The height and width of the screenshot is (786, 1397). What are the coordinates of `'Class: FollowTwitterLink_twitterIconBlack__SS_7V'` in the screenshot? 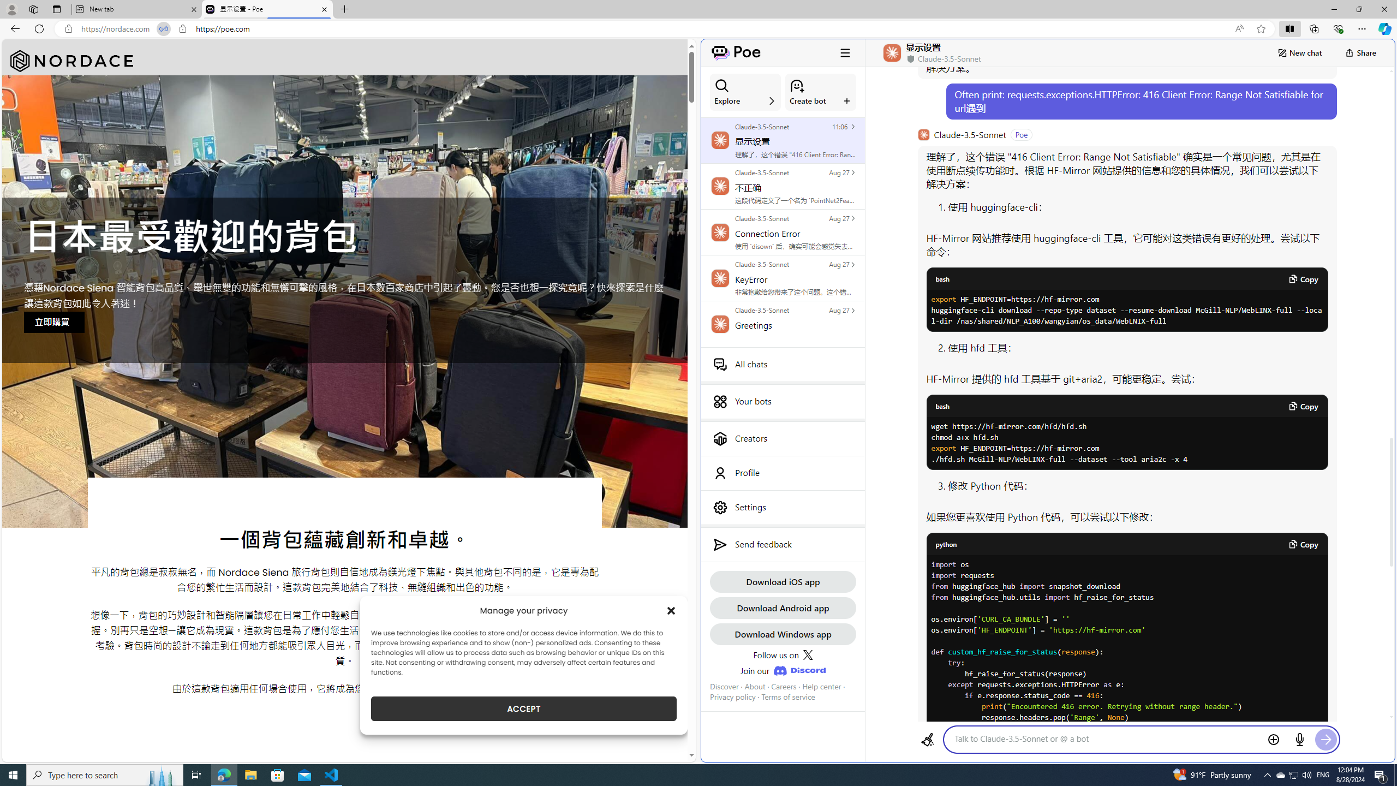 It's located at (807, 654).